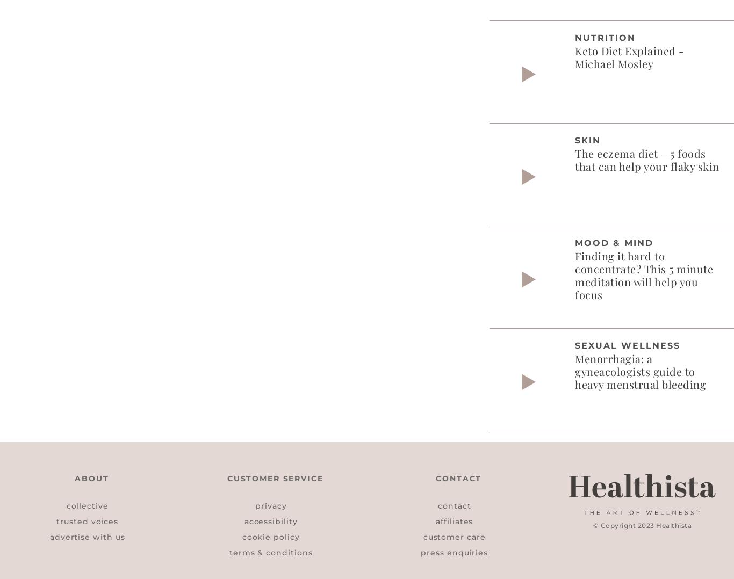 This screenshot has width=734, height=579. I want to click on '© Copyright 2023', so click(624, 525).